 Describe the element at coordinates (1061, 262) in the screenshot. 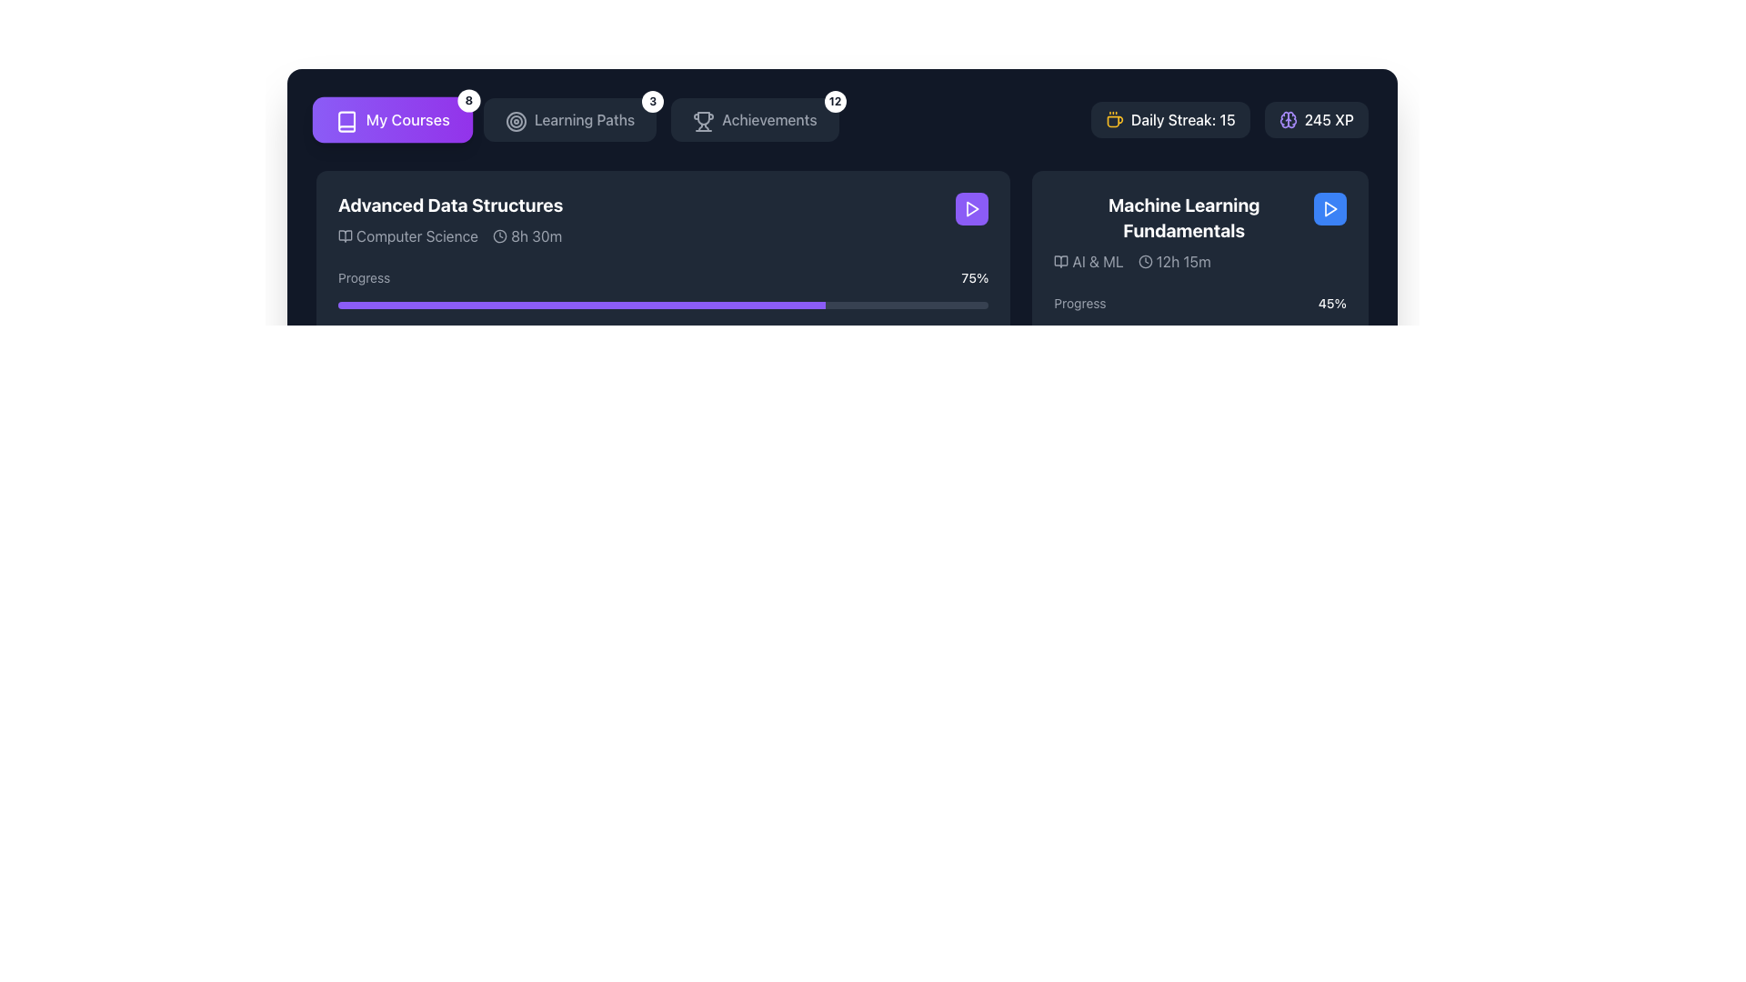

I see `the compact open book icon located to the left of the 'AI & ML' text in the 'Machine Learning Fundamentals' card` at that location.